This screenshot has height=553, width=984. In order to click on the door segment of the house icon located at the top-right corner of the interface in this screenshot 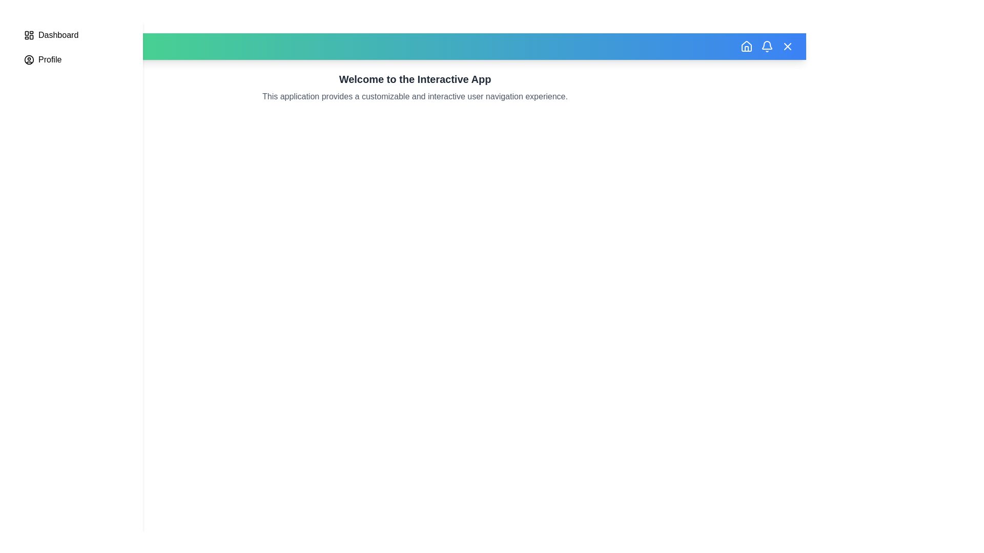, I will do `click(747, 49)`.